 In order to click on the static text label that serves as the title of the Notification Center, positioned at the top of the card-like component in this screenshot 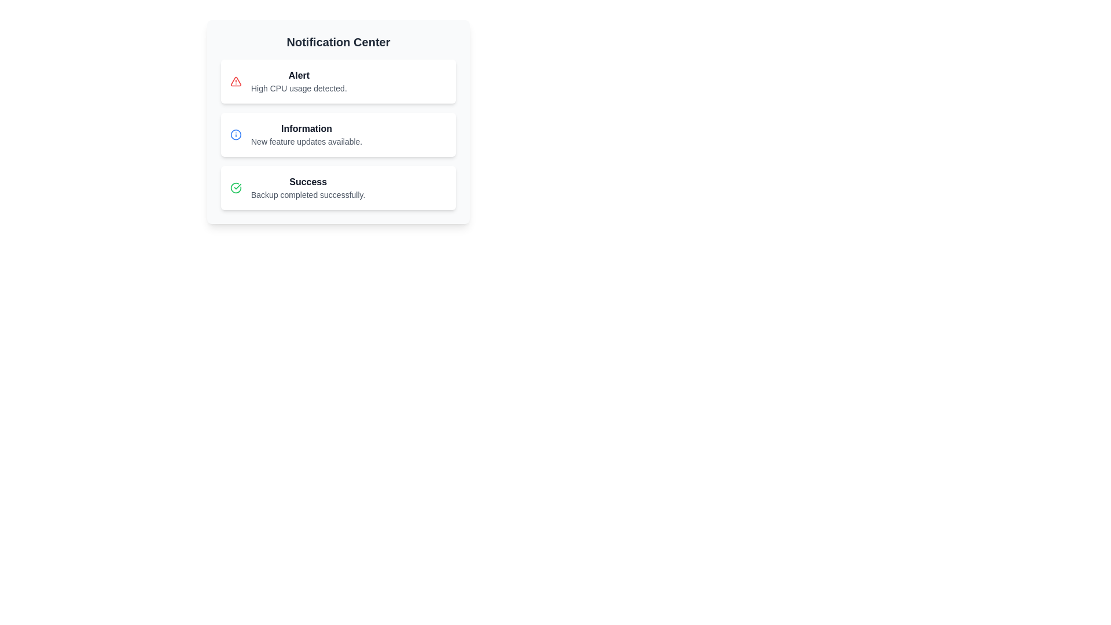, I will do `click(338, 42)`.